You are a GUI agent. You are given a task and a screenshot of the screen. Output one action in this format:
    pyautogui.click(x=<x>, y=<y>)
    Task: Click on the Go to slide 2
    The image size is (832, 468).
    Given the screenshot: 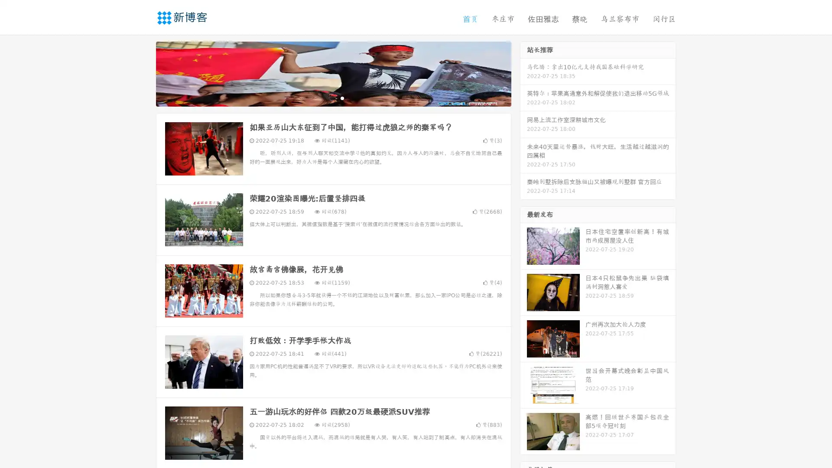 What is the action you would take?
    pyautogui.click(x=333, y=97)
    